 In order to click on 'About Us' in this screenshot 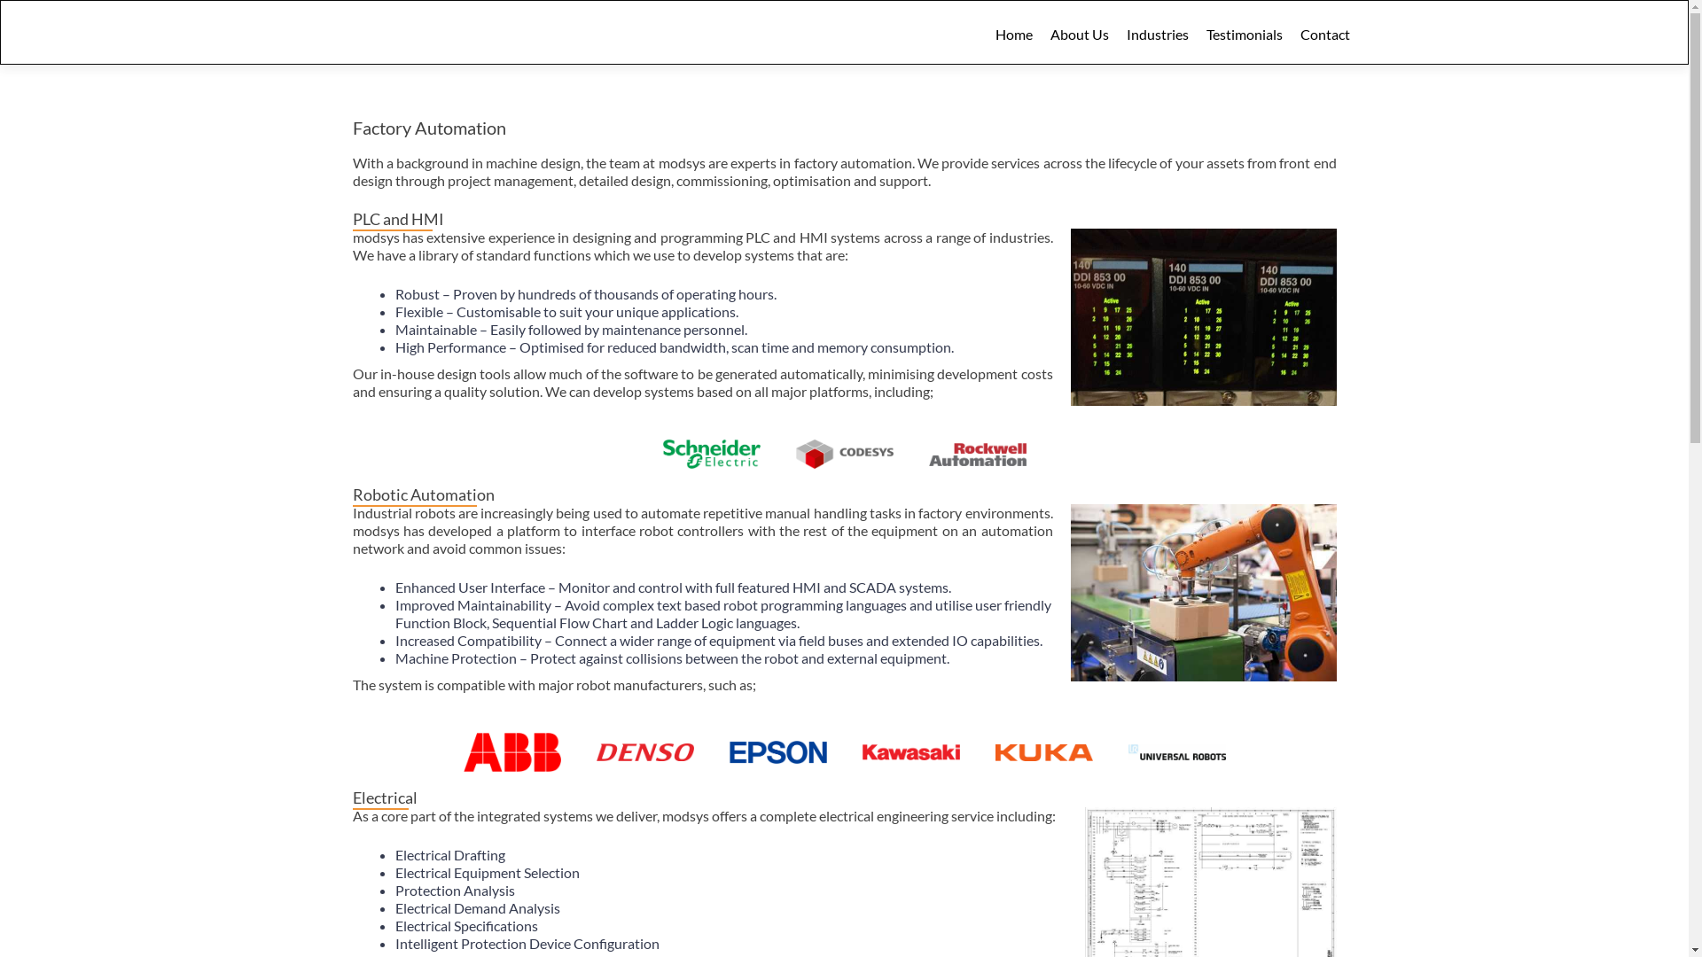, I will do `click(1050, 34)`.